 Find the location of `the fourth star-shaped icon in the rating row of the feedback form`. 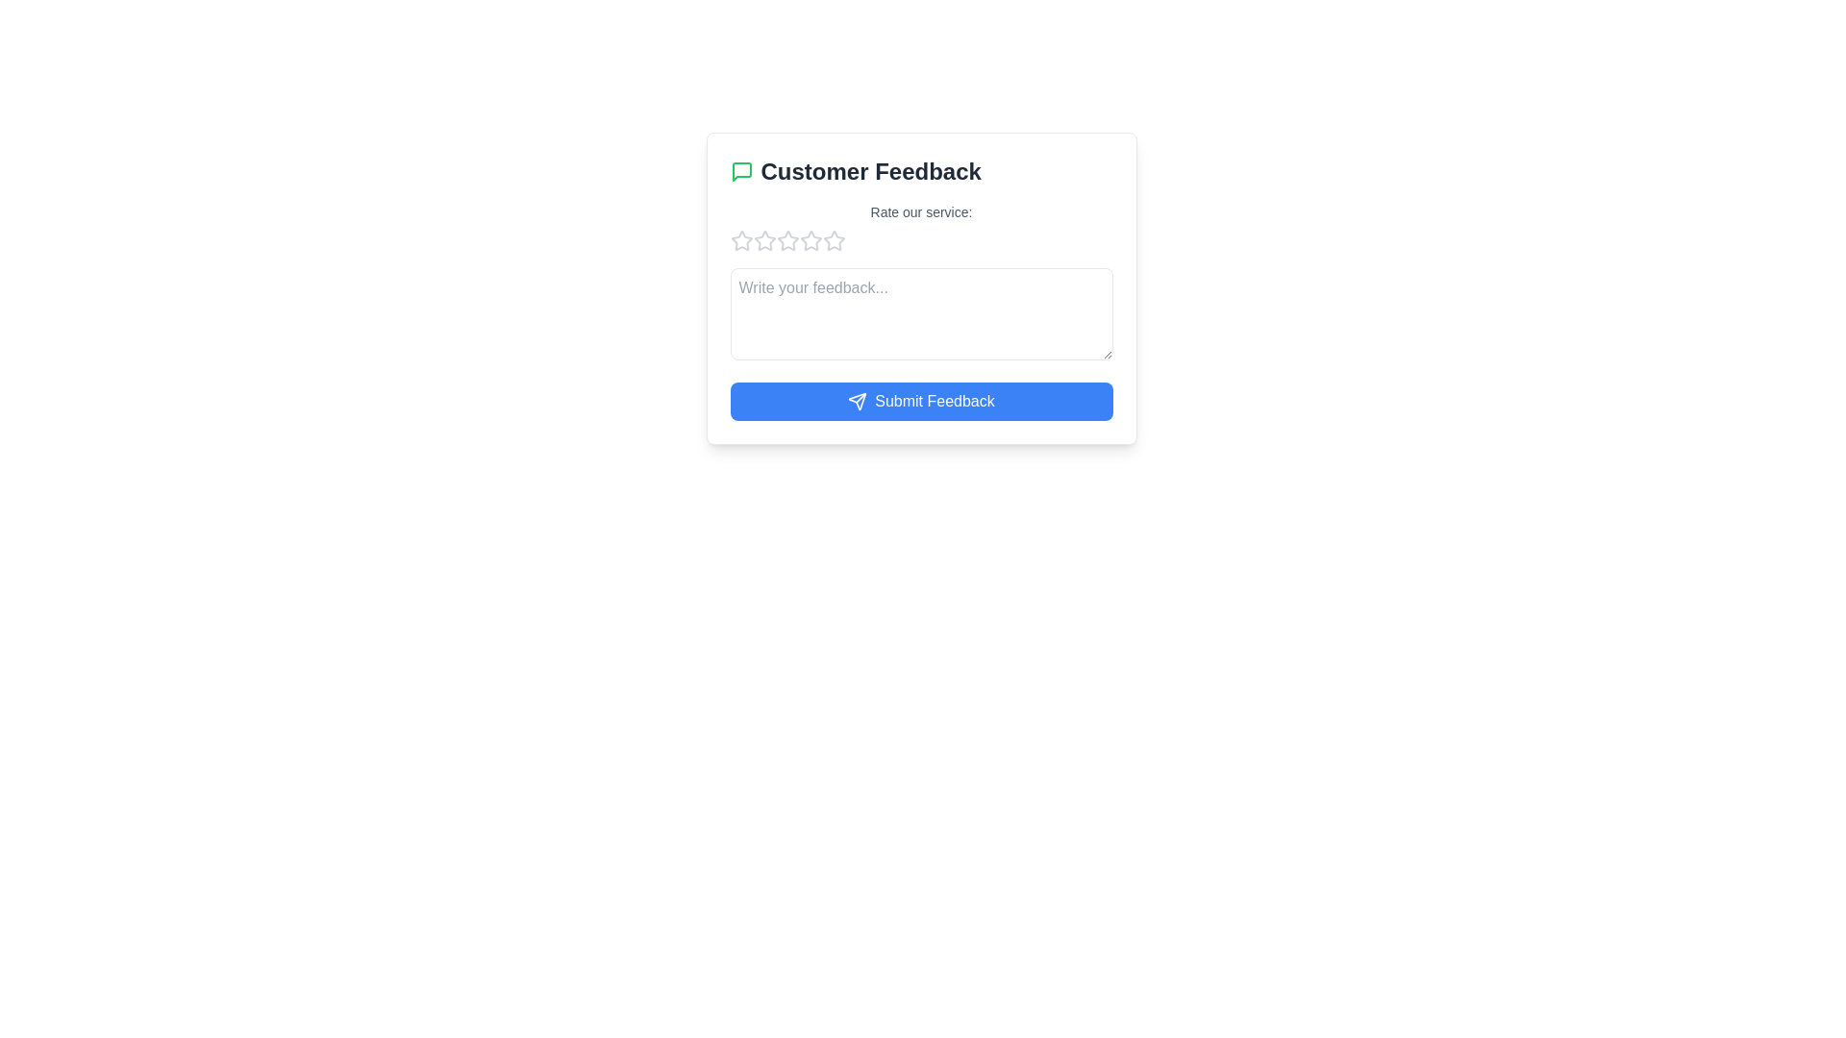

the fourth star-shaped icon in the rating row of the feedback form is located at coordinates (811, 239).